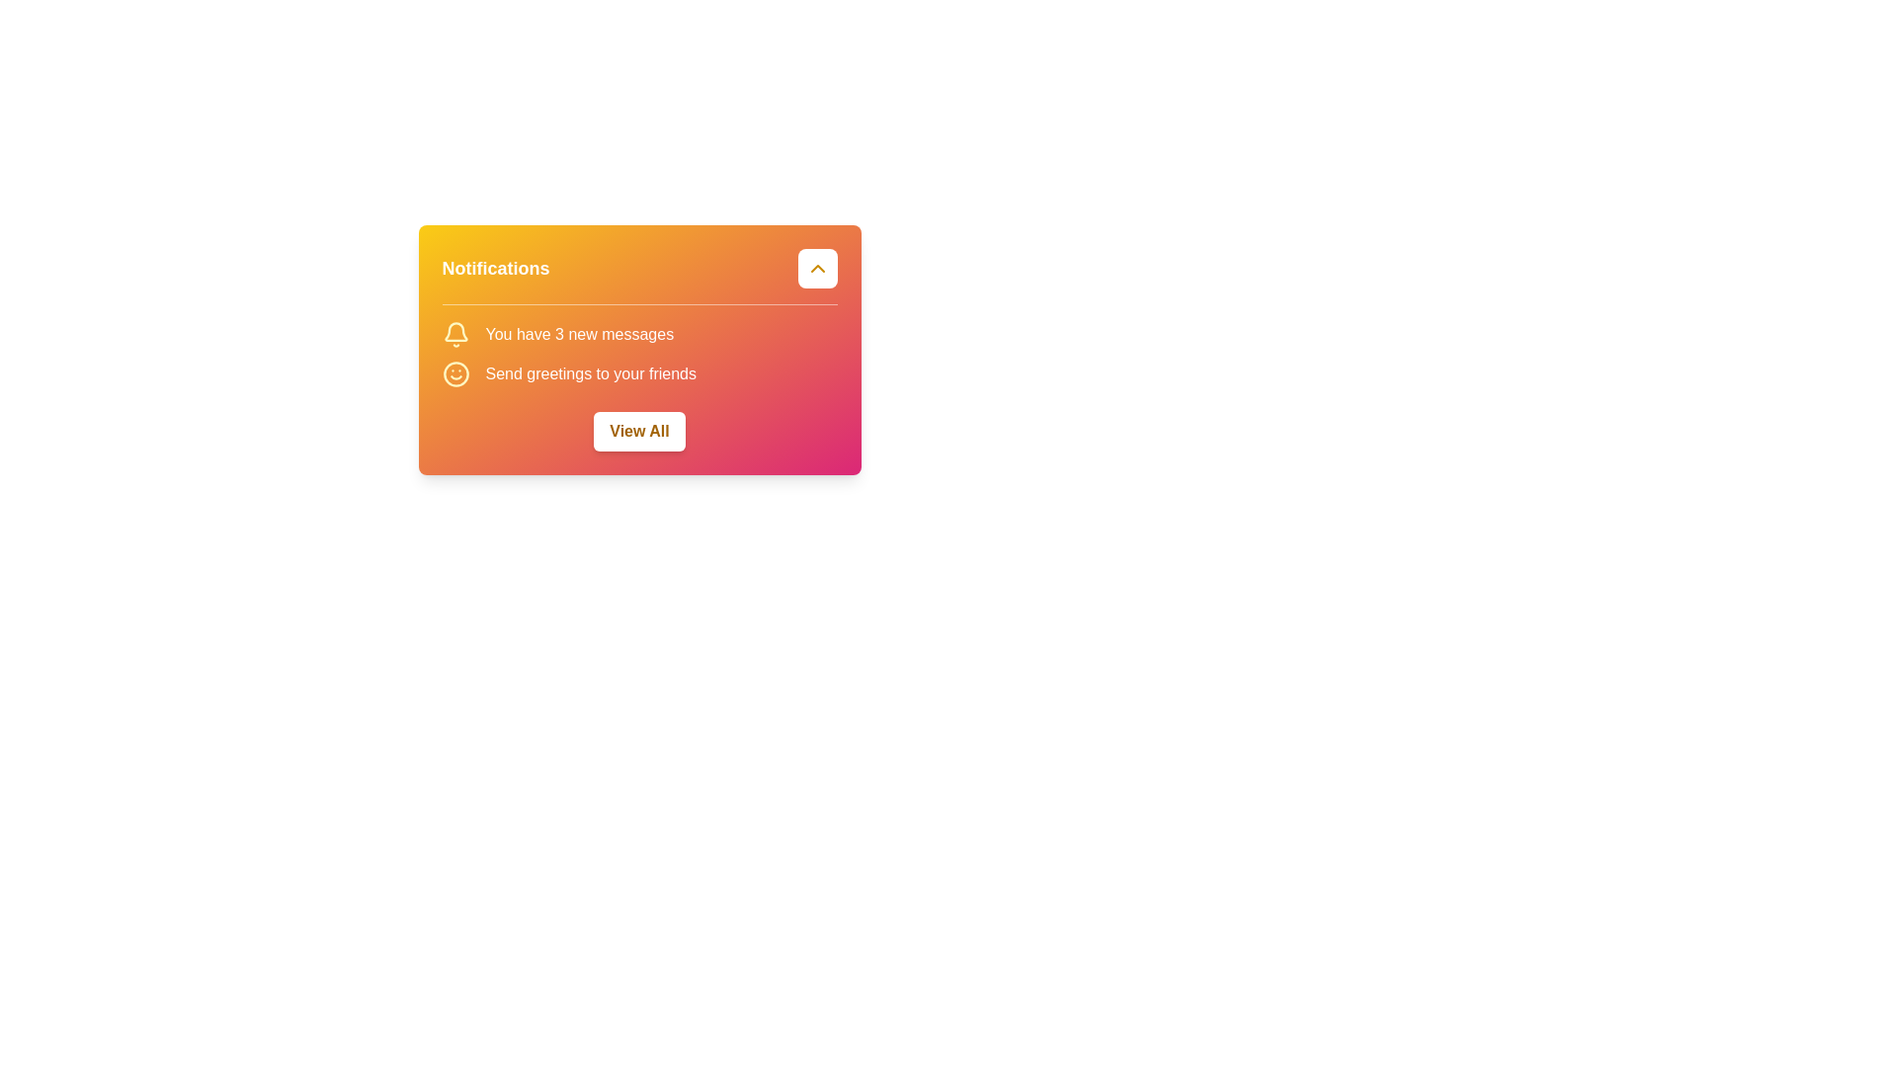  I want to click on information provided in the second notification message located below the 'You have 3 new messages' notification, which serves as a reminder for users to send greetings to their friends, so click(639, 373).